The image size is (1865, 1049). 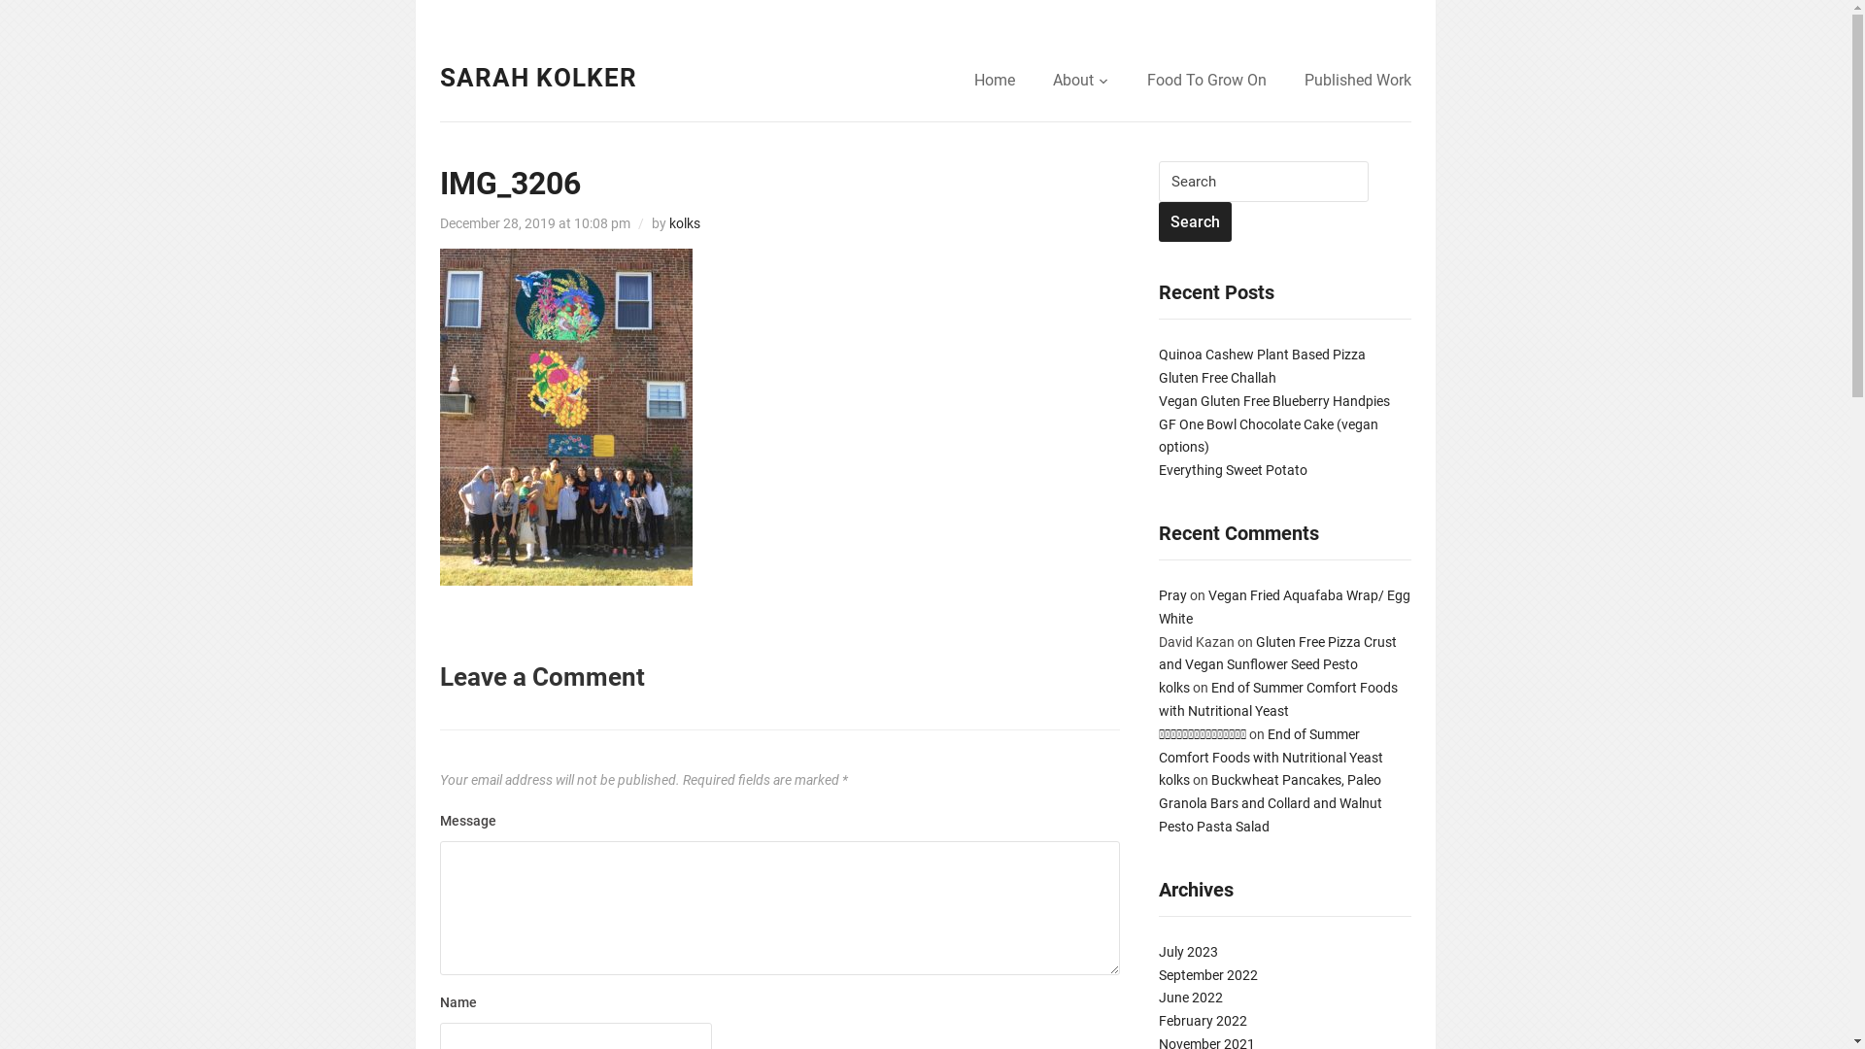 I want to click on 'June 2022', so click(x=1188, y=997).